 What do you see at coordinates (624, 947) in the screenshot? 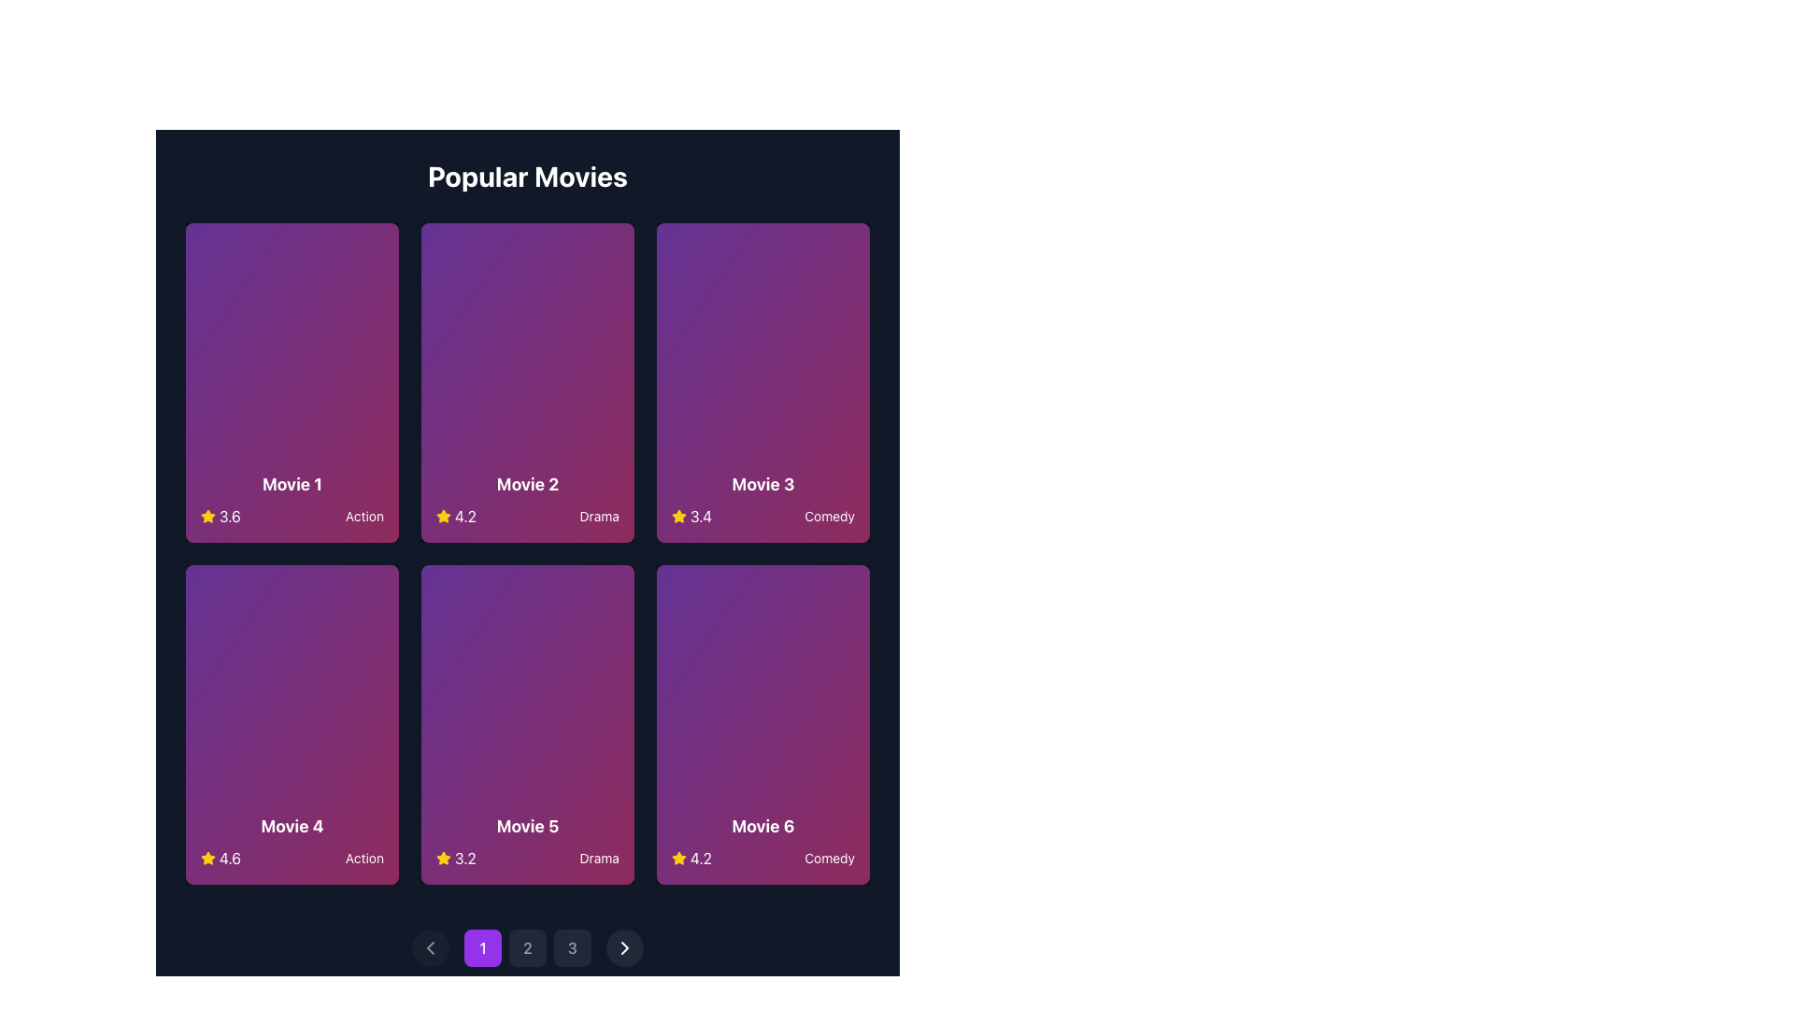
I see `the circular 'Next' button with a dark gray background and a right-facing chevron icon` at bounding box center [624, 947].